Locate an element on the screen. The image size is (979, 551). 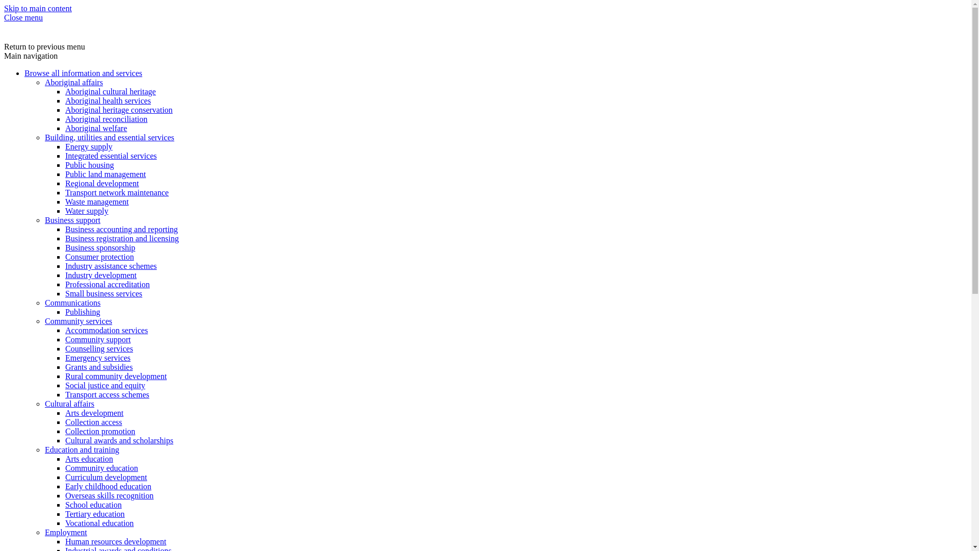
'Public housing' is located at coordinates (65, 164).